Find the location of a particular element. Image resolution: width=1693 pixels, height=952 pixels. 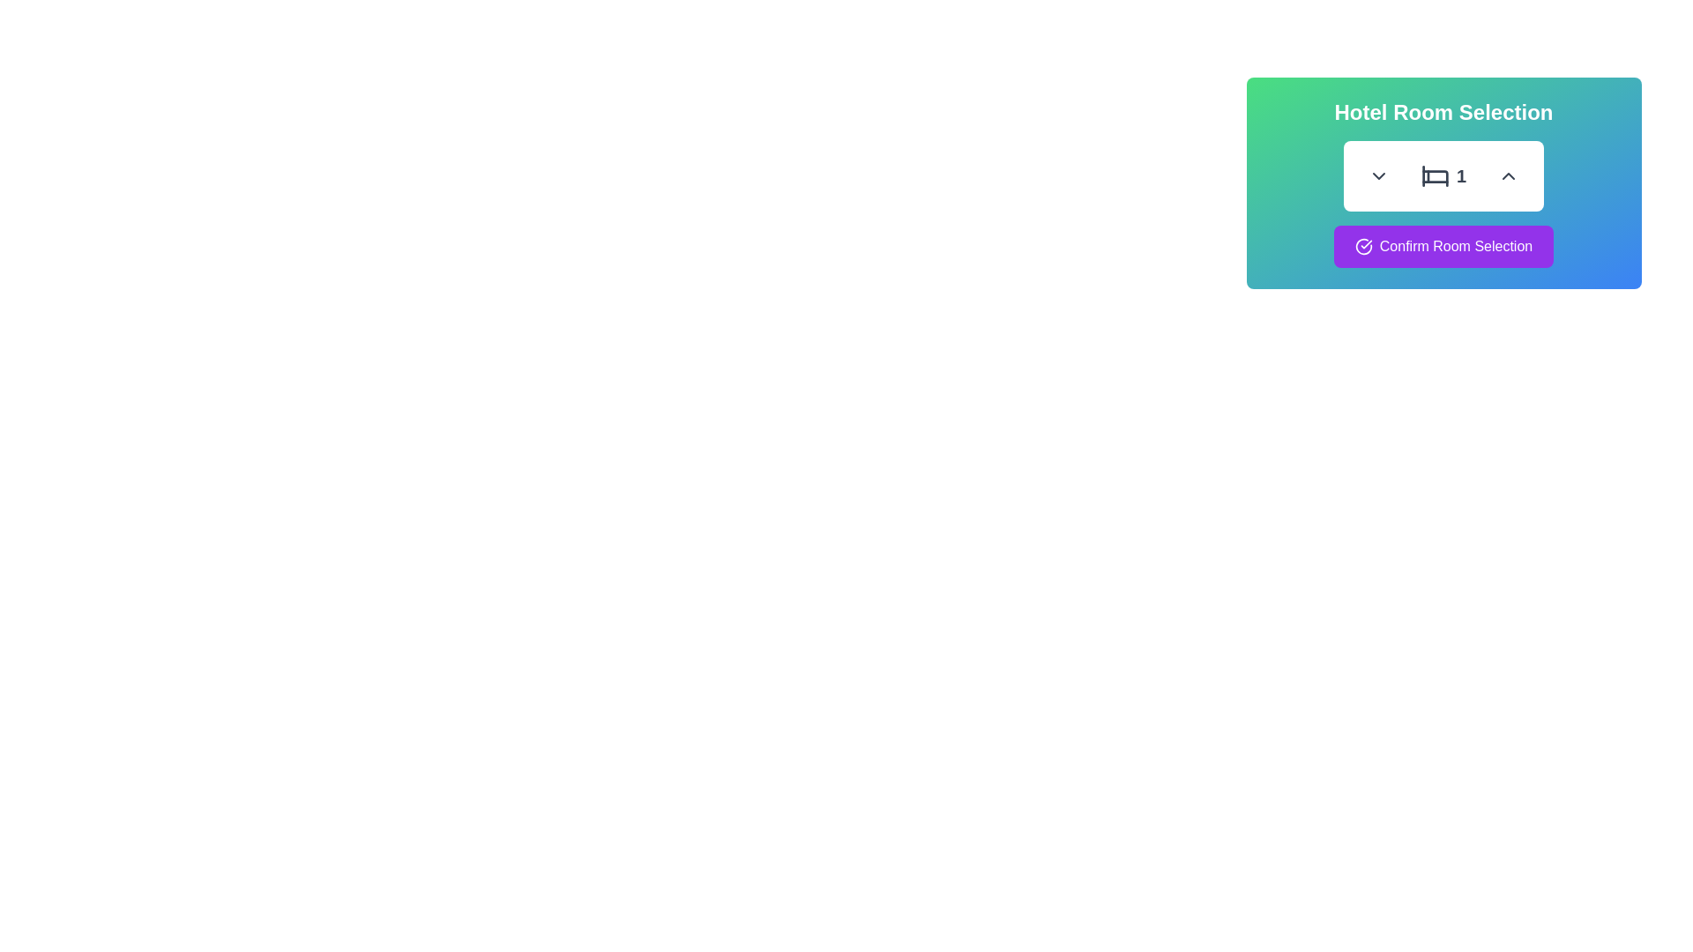

the stepper control component that features a downward arrow, a bed icon with the number '1', and an upward arrow, located within the 'Hotel Room Selection' card is located at coordinates (1443, 203).